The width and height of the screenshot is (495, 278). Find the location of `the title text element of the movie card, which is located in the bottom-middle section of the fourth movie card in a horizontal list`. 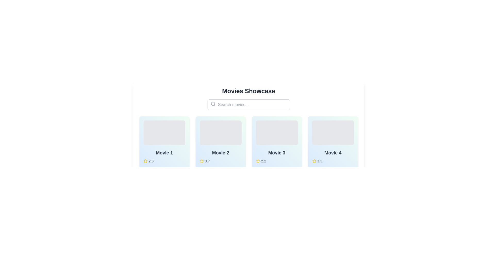

the title text element of the movie card, which is located in the bottom-middle section of the fourth movie card in a horizontal list is located at coordinates (333, 153).